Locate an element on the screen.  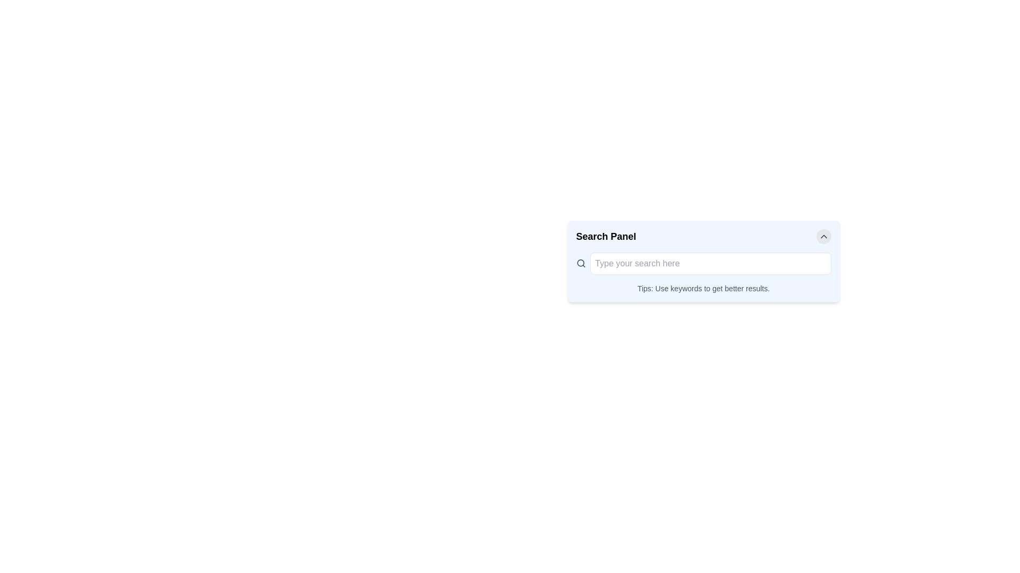
the search icon located to the left of the text input box with the placeholder 'Type your search here' is located at coordinates (581, 263).